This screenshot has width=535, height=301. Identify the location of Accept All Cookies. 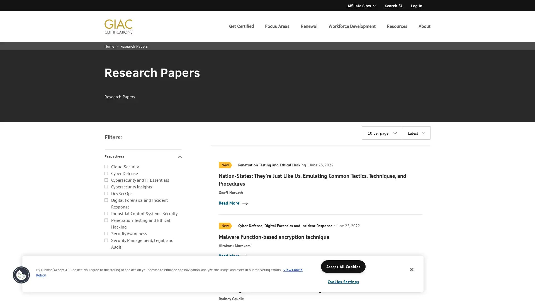
(343, 266).